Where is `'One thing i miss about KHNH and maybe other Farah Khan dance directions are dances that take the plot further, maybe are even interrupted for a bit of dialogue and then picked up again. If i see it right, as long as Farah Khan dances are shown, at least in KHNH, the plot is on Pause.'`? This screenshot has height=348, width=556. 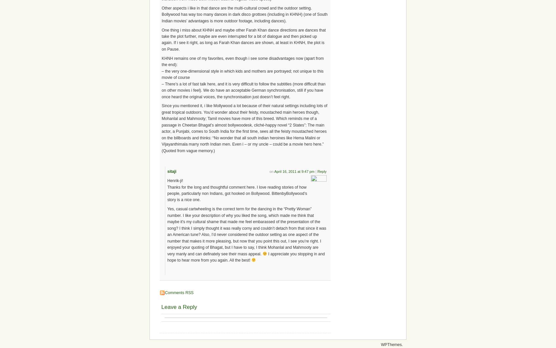
'One thing i miss about KHNH and maybe other Farah Khan dance directions are dances that take the plot further, maybe are even interrupted for a bit of dialogue and then picked up again. If i see it right, as long as Farah Khan dances are shown, at least in KHNH, the plot is on Pause.' is located at coordinates (243, 39).